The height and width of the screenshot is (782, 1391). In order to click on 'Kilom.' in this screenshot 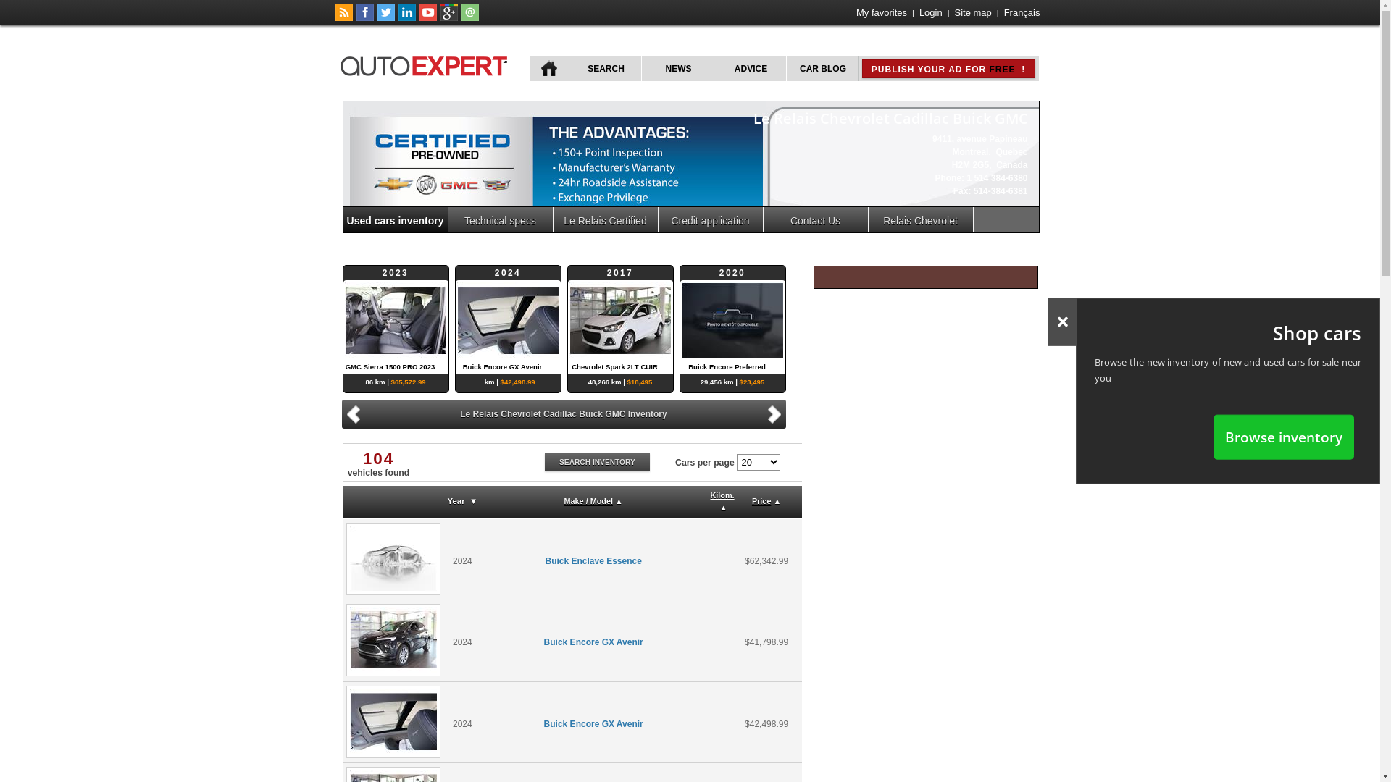, I will do `click(722, 495)`.